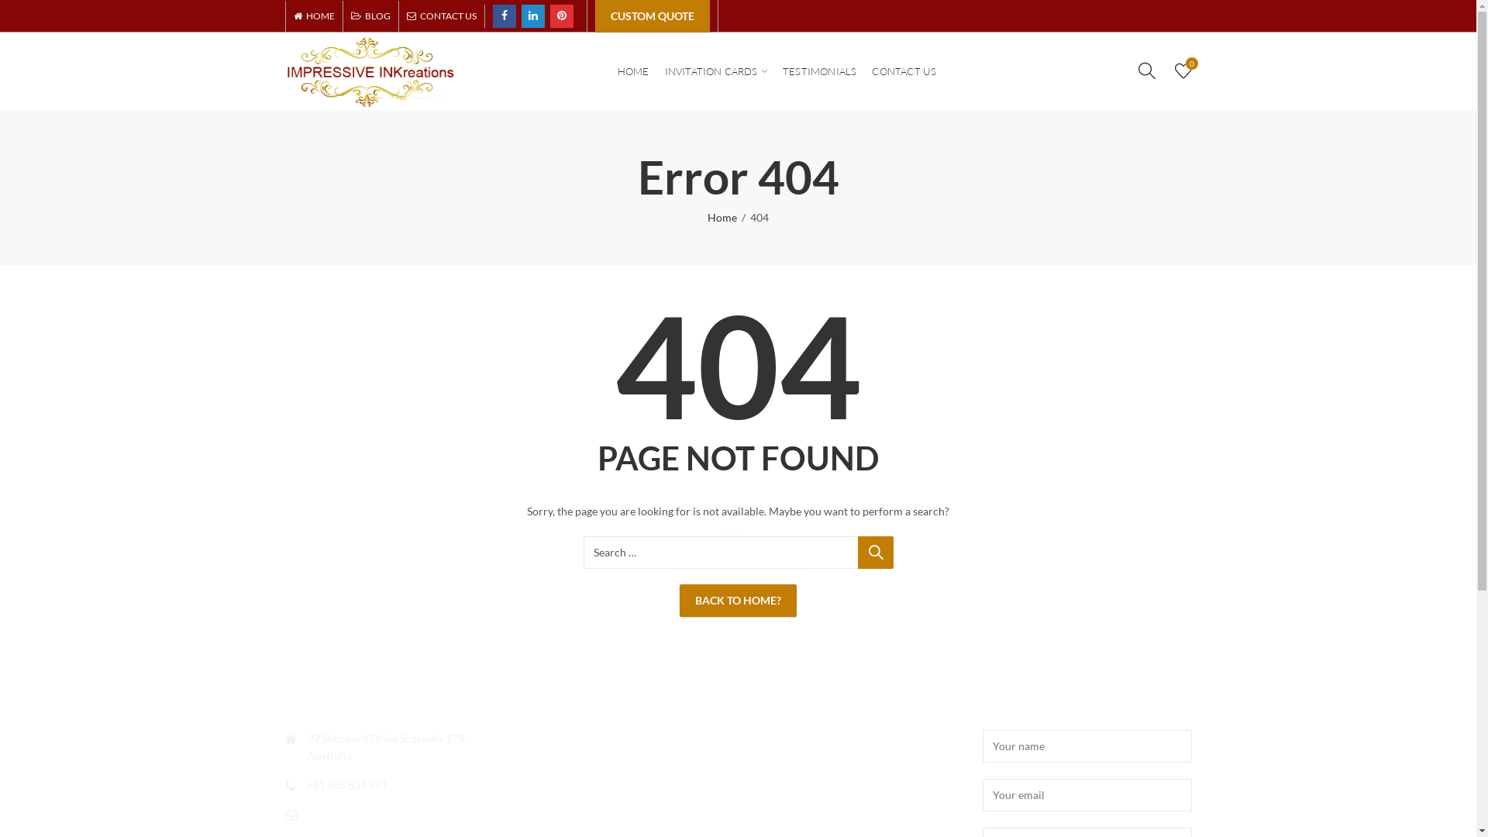 This screenshot has height=837, width=1488. What do you see at coordinates (316, 15) in the screenshot?
I see `'HOME'` at bounding box center [316, 15].